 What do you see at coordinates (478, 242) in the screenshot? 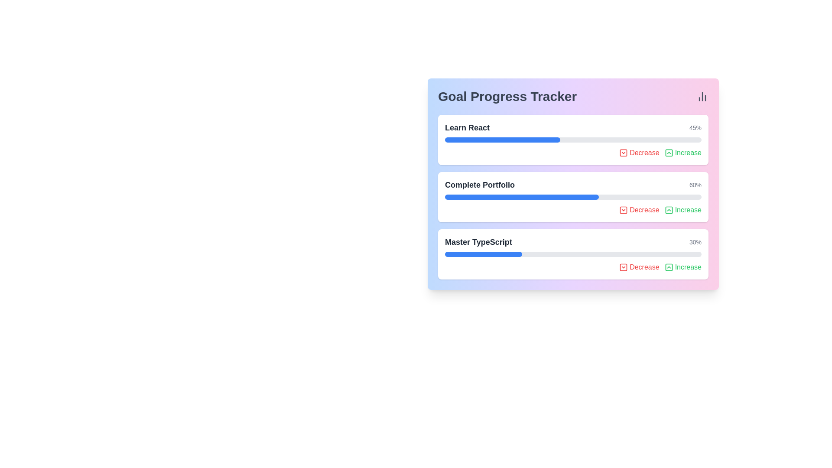
I see `the text label indicating the name of the progress tracker task, 'Master TypeScript', located in the bottom section of the list of labeled progress trackers` at bounding box center [478, 242].